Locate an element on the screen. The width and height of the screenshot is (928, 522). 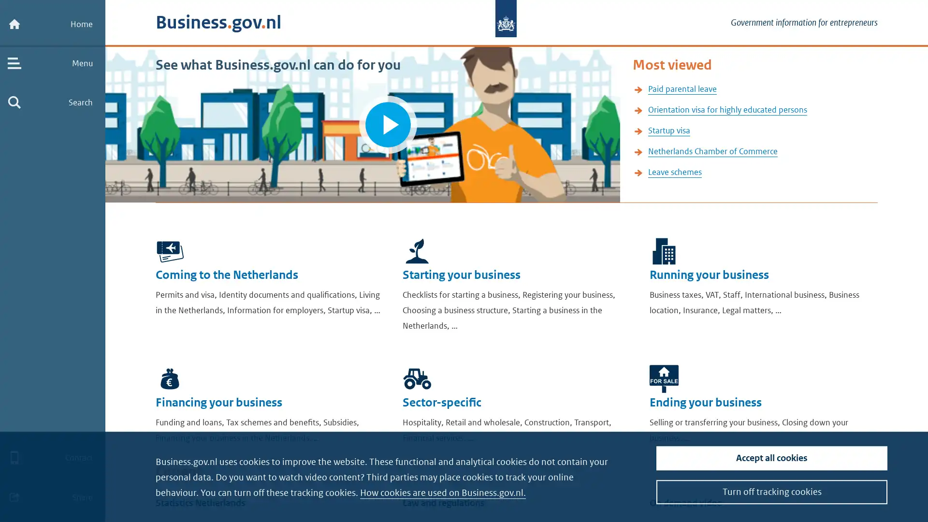
Turn off tracking cookies is located at coordinates (771, 490).